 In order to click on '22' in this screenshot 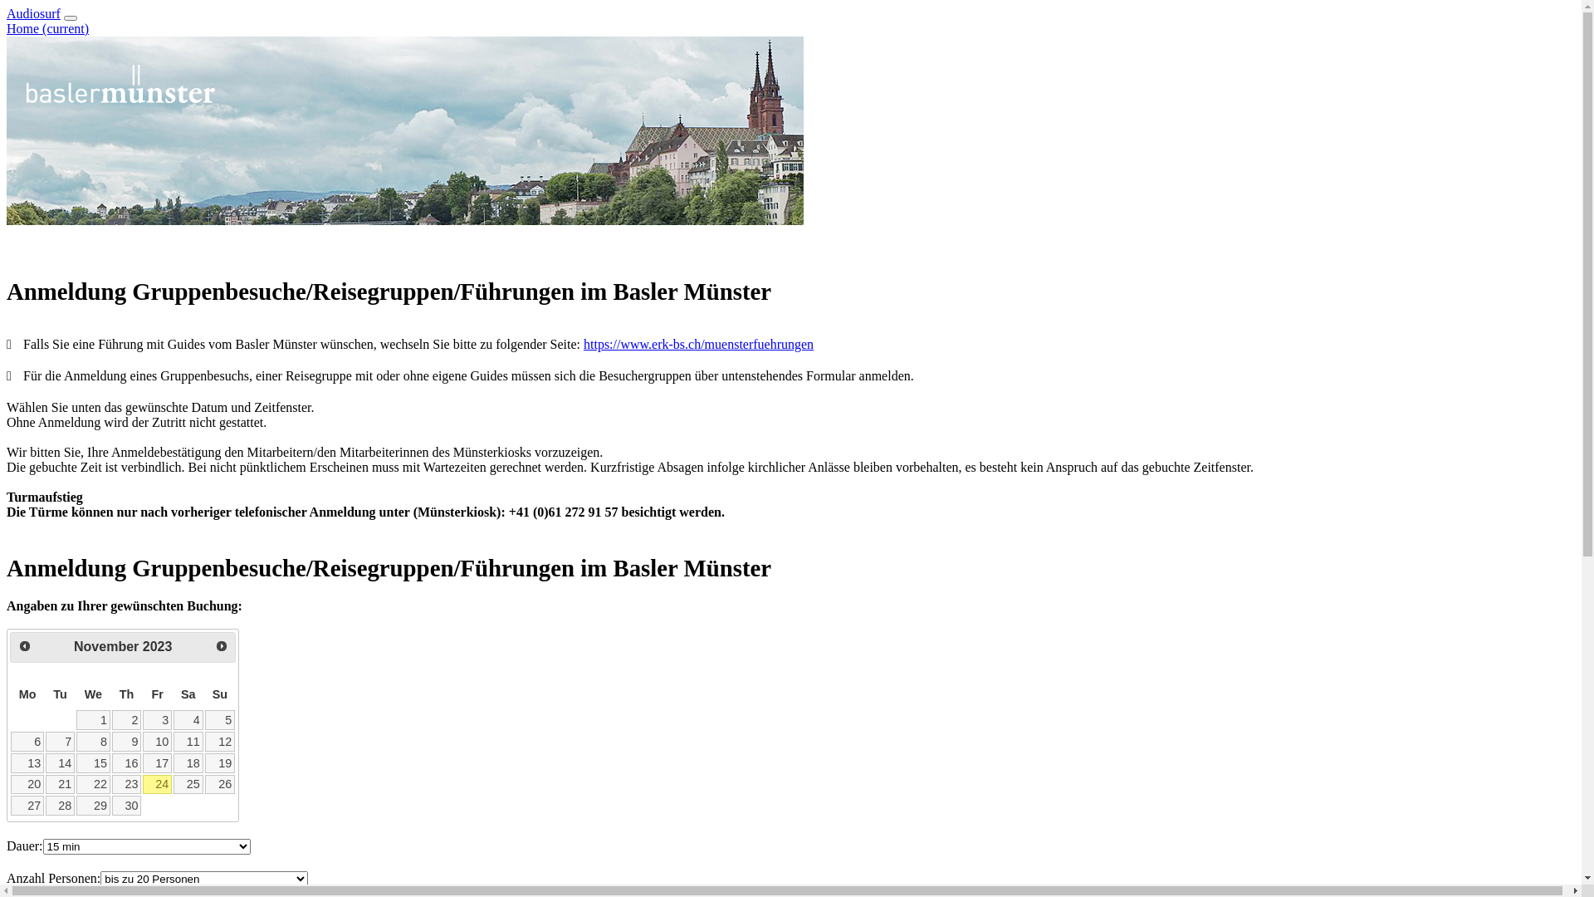, I will do `click(92, 785)`.